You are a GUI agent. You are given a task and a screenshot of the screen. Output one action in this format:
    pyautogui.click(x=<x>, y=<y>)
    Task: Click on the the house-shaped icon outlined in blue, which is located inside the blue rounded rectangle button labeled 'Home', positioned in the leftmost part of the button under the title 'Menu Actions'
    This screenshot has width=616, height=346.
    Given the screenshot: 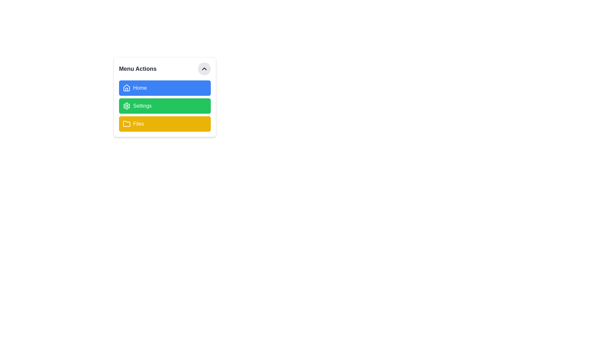 What is the action you would take?
    pyautogui.click(x=126, y=88)
    